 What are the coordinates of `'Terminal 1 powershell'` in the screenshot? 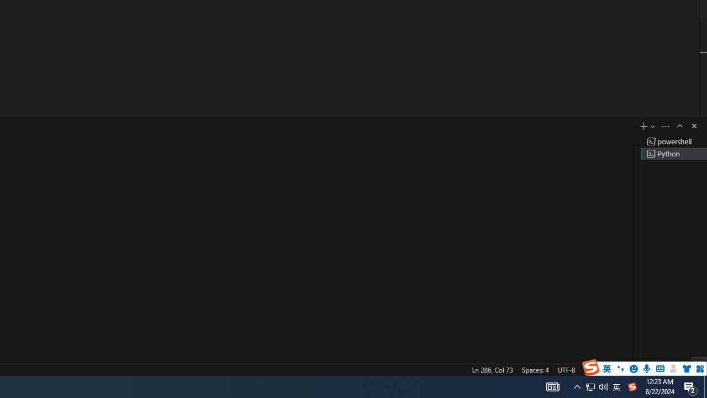 It's located at (673, 140).